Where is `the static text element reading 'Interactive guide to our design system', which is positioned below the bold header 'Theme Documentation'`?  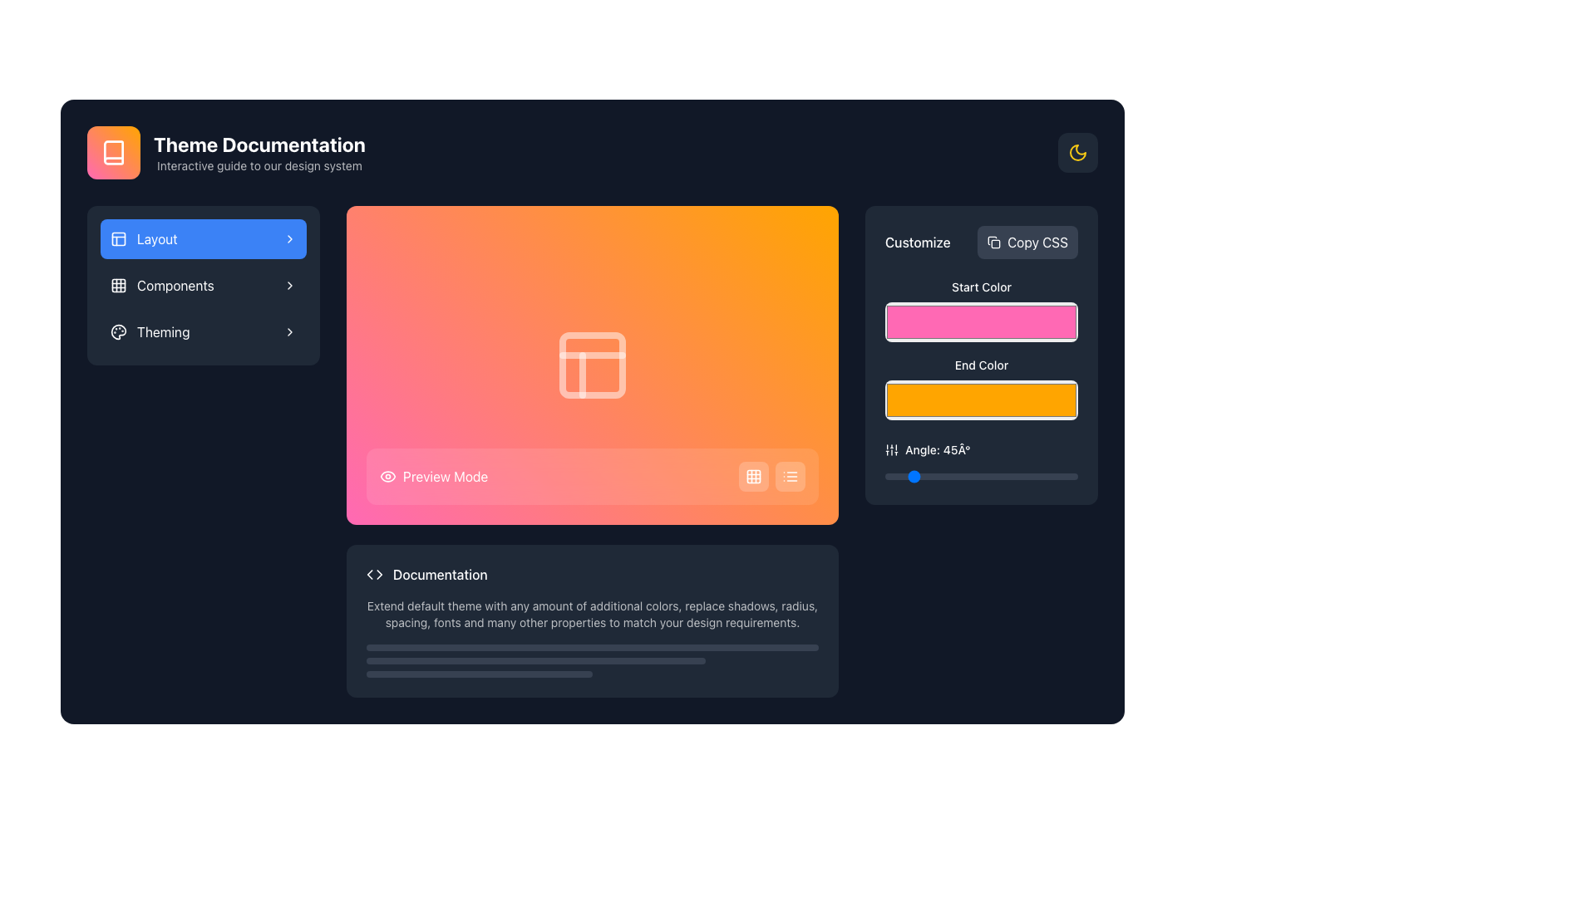 the static text element reading 'Interactive guide to our design system', which is positioned below the bold header 'Theme Documentation' is located at coordinates (259, 166).